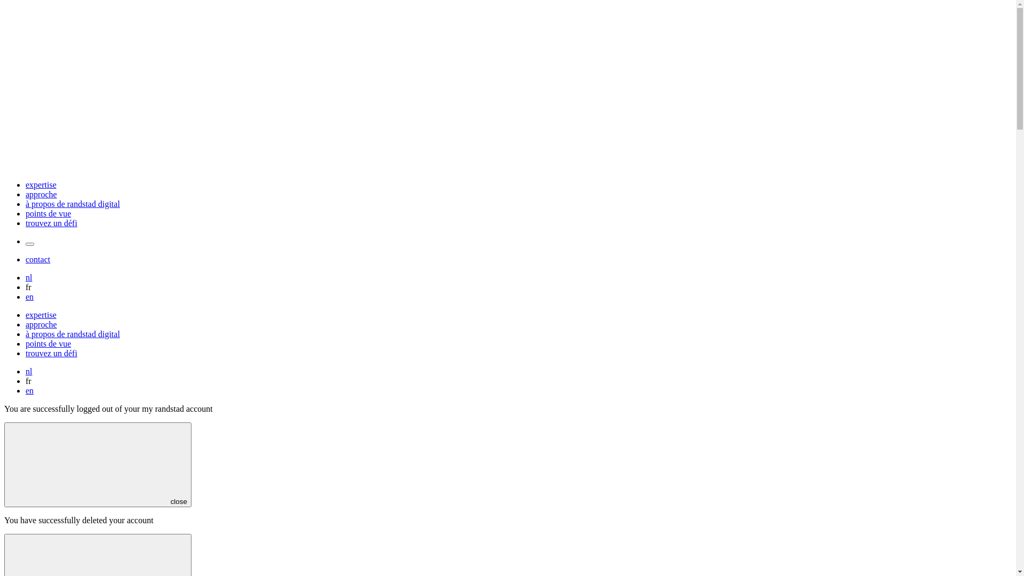 The width and height of the screenshot is (1024, 576). Describe the element at coordinates (41, 184) in the screenshot. I see `'expertise'` at that location.